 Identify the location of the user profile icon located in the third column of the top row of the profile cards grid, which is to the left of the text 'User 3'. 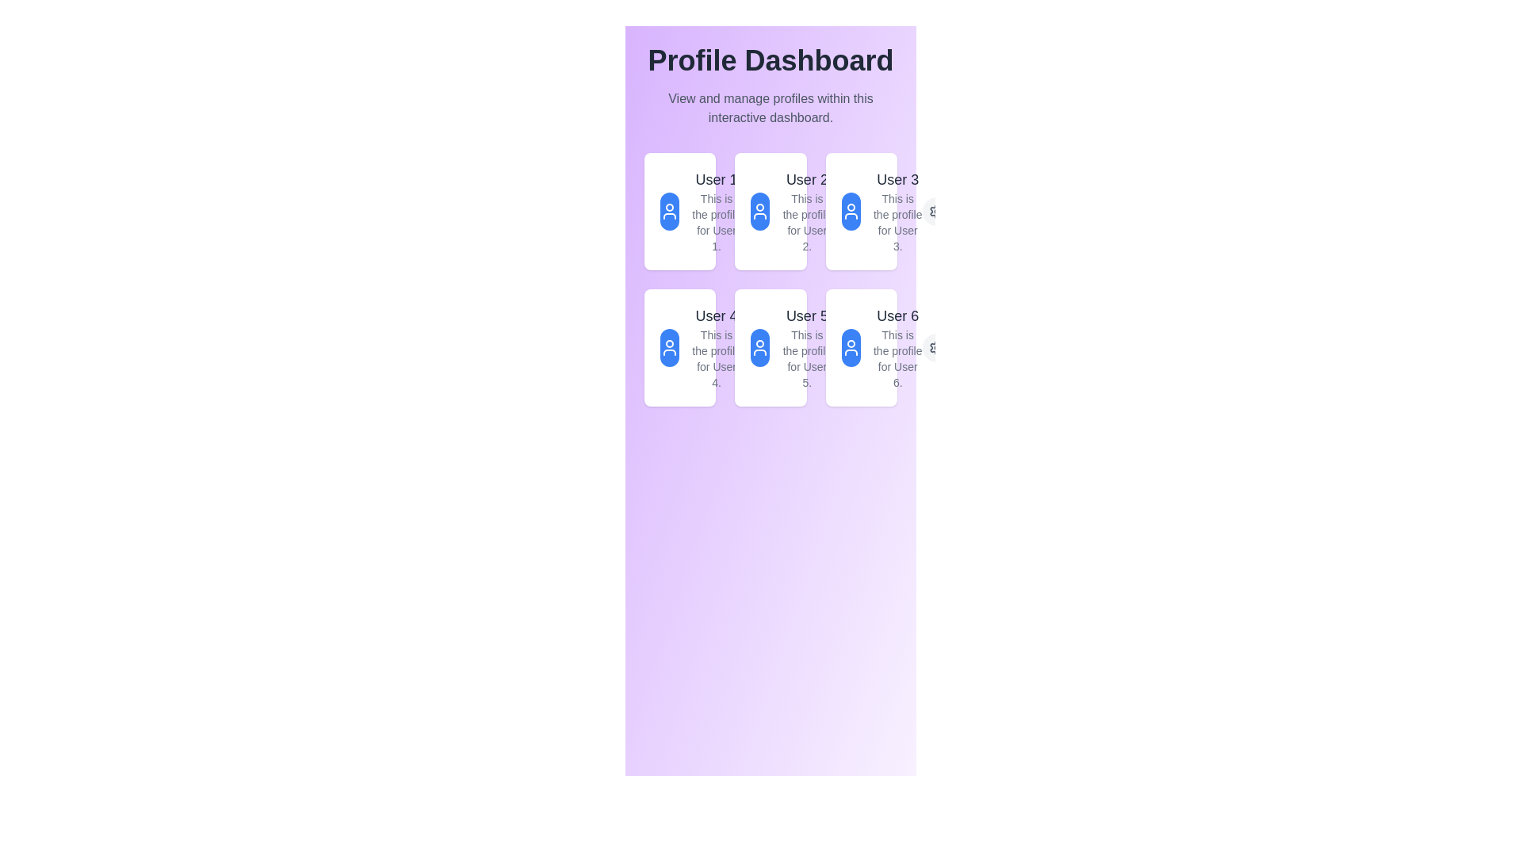
(850, 210).